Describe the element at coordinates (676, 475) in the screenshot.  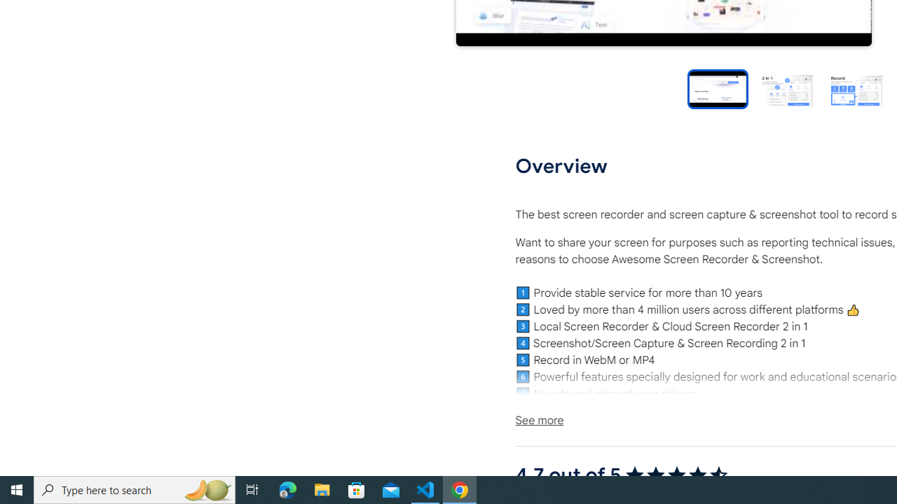
I see `'4.7 out of 5 stars'` at that location.